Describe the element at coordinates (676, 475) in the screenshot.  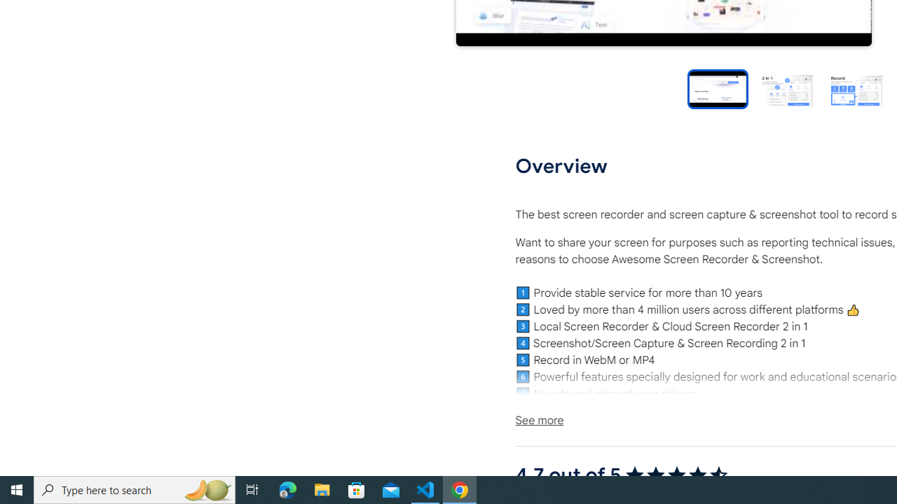
I see `'4.7 out of 5 stars'` at that location.